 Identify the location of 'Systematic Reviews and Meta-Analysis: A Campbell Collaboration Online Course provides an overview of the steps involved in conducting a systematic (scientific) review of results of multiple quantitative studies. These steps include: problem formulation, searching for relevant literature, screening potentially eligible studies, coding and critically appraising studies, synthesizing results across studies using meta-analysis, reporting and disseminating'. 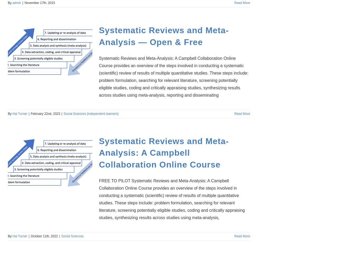
(173, 76).